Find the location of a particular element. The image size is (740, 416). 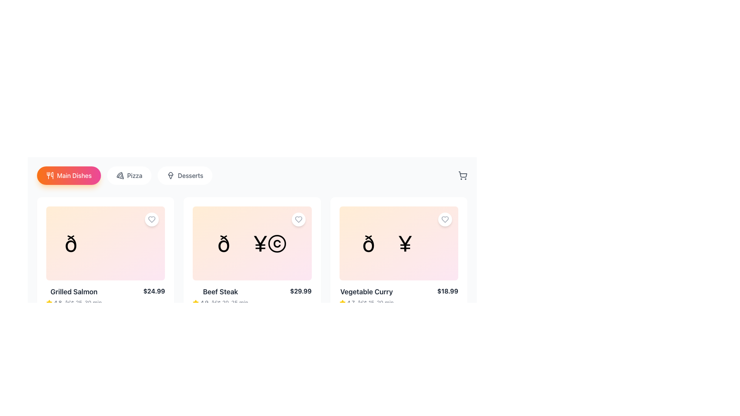

the heart-shaped icon in the top-right corner of the 'Vegetable Curry' item card is located at coordinates (445, 220).